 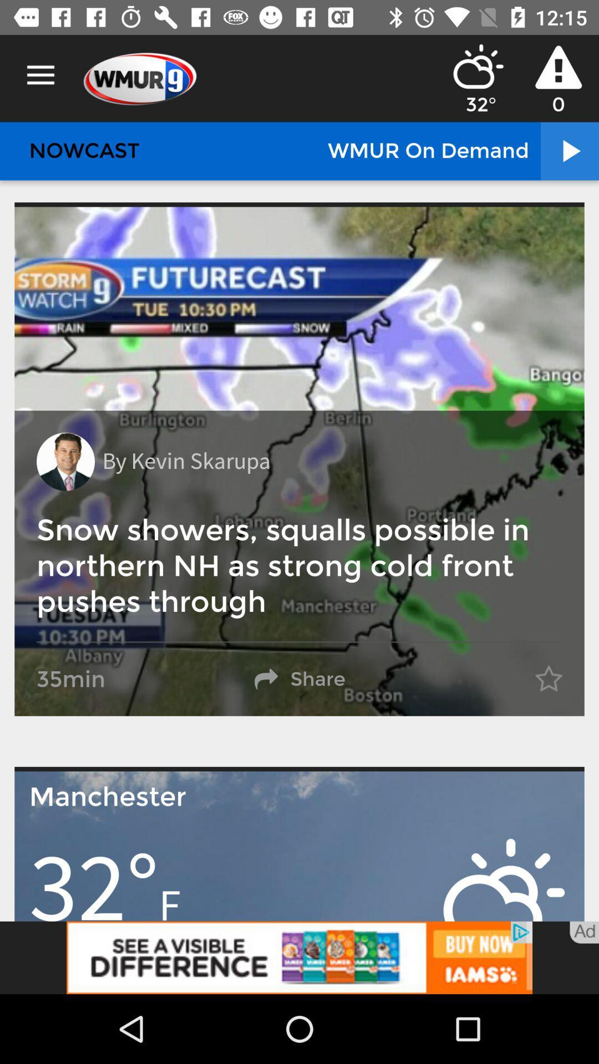 What do you see at coordinates (299, 957) in the screenshot?
I see `games` at bounding box center [299, 957].